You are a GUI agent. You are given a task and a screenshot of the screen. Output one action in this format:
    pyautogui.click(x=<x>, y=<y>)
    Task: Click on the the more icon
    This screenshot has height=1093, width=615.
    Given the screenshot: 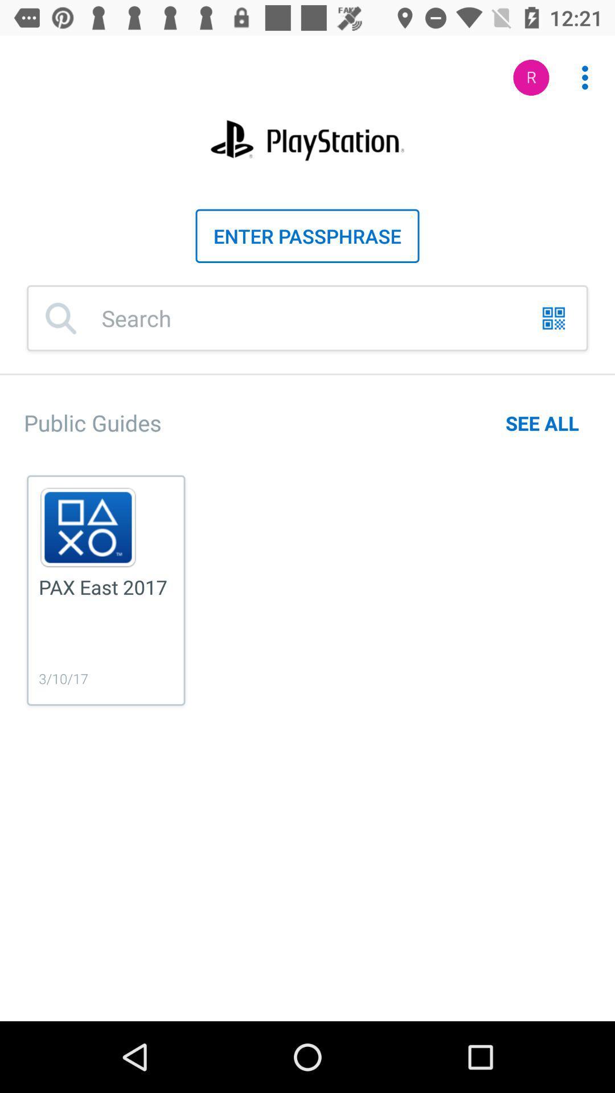 What is the action you would take?
    pyautogui.click(x=579, y=71)
    